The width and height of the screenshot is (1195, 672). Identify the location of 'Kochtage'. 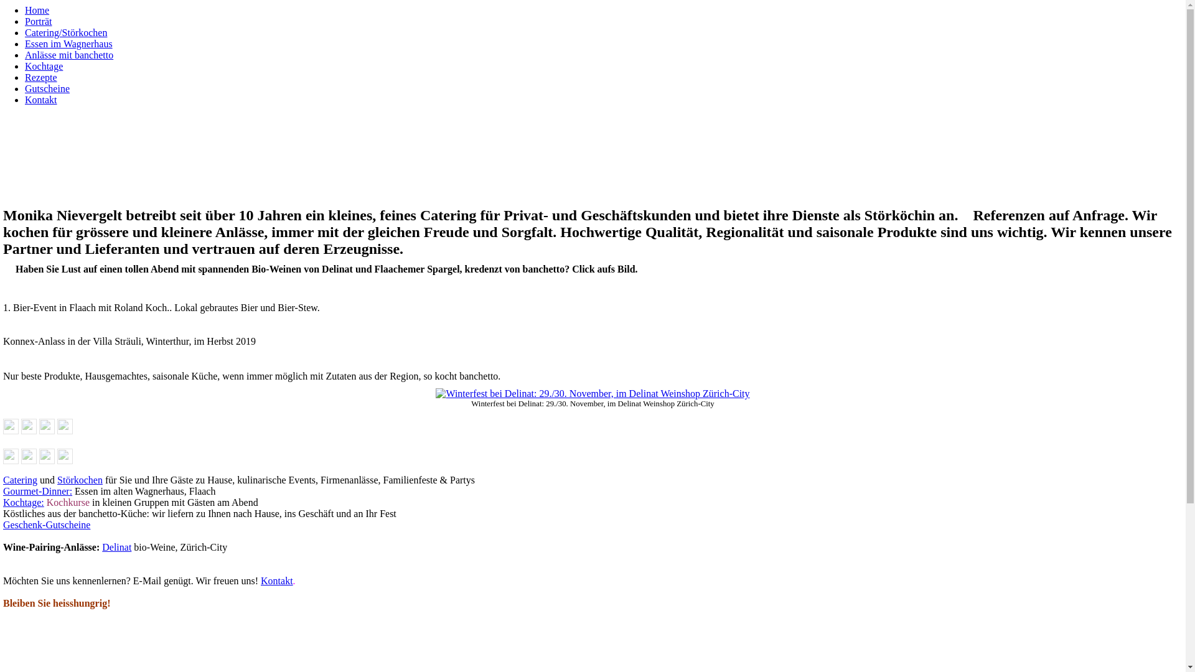
(44, 66).